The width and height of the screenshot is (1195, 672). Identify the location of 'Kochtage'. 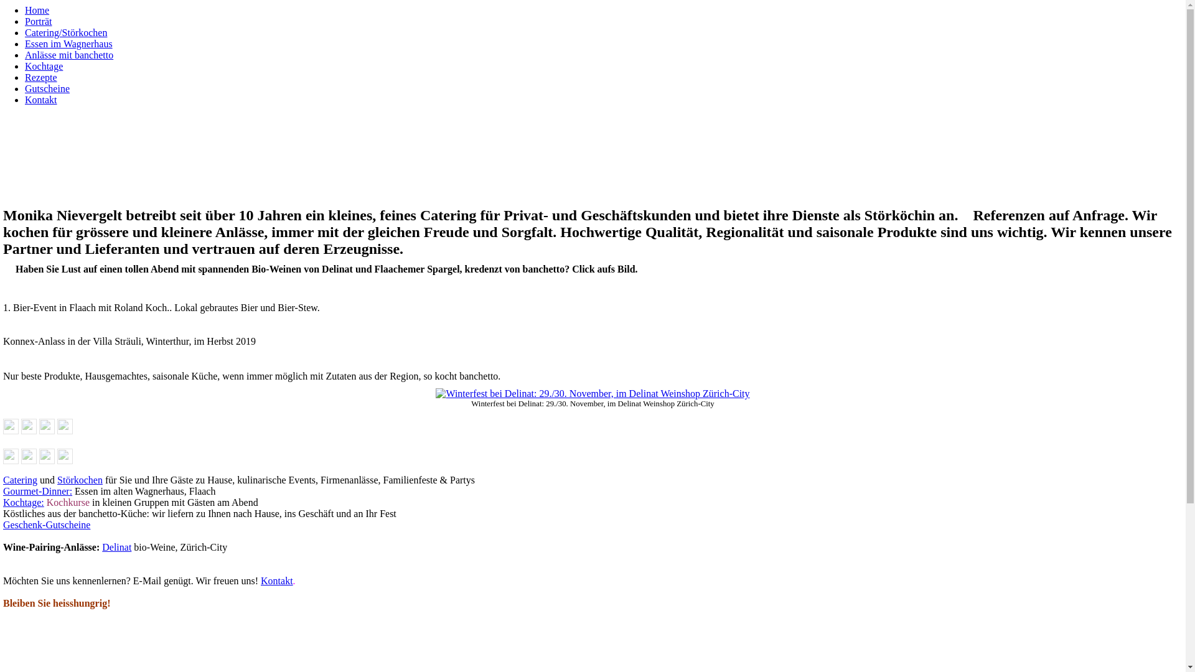
(44, 66).